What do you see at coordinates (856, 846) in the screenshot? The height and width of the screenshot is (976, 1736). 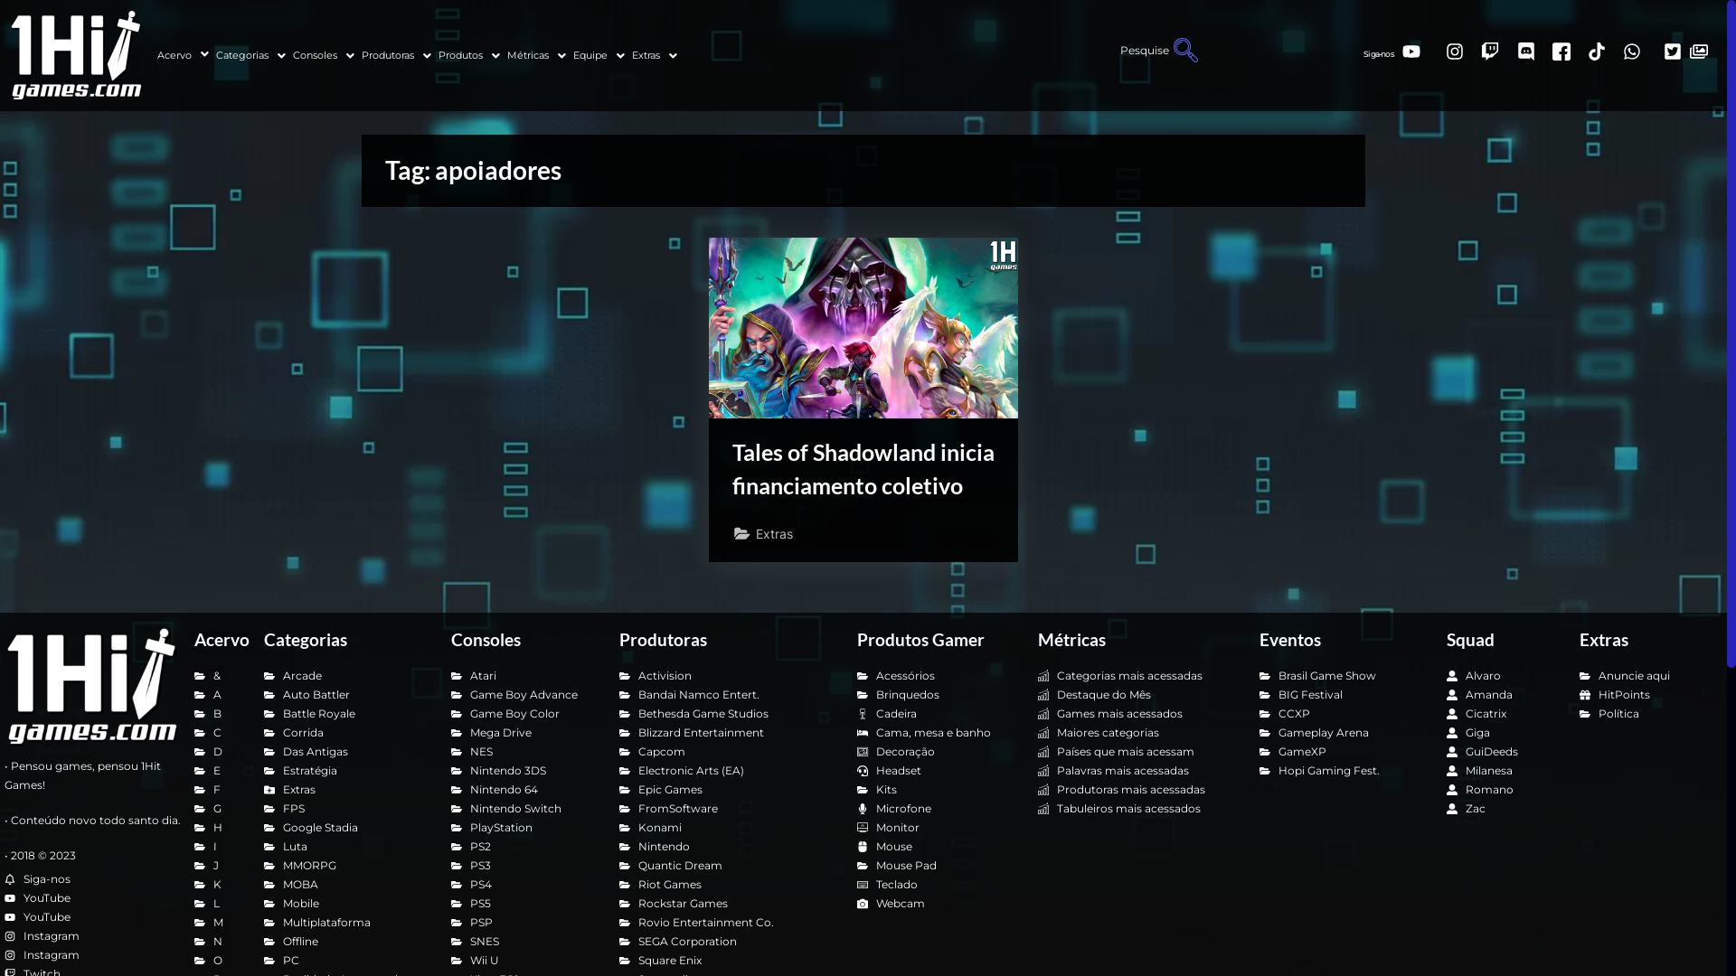 I see `'Mouse'` at bounding box center [856, 846].